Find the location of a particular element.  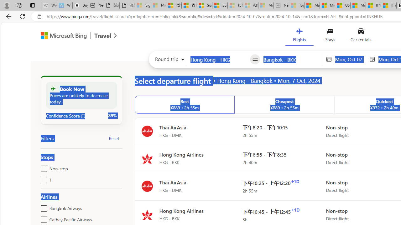

'Flights' is located at coordinates (299, 37).